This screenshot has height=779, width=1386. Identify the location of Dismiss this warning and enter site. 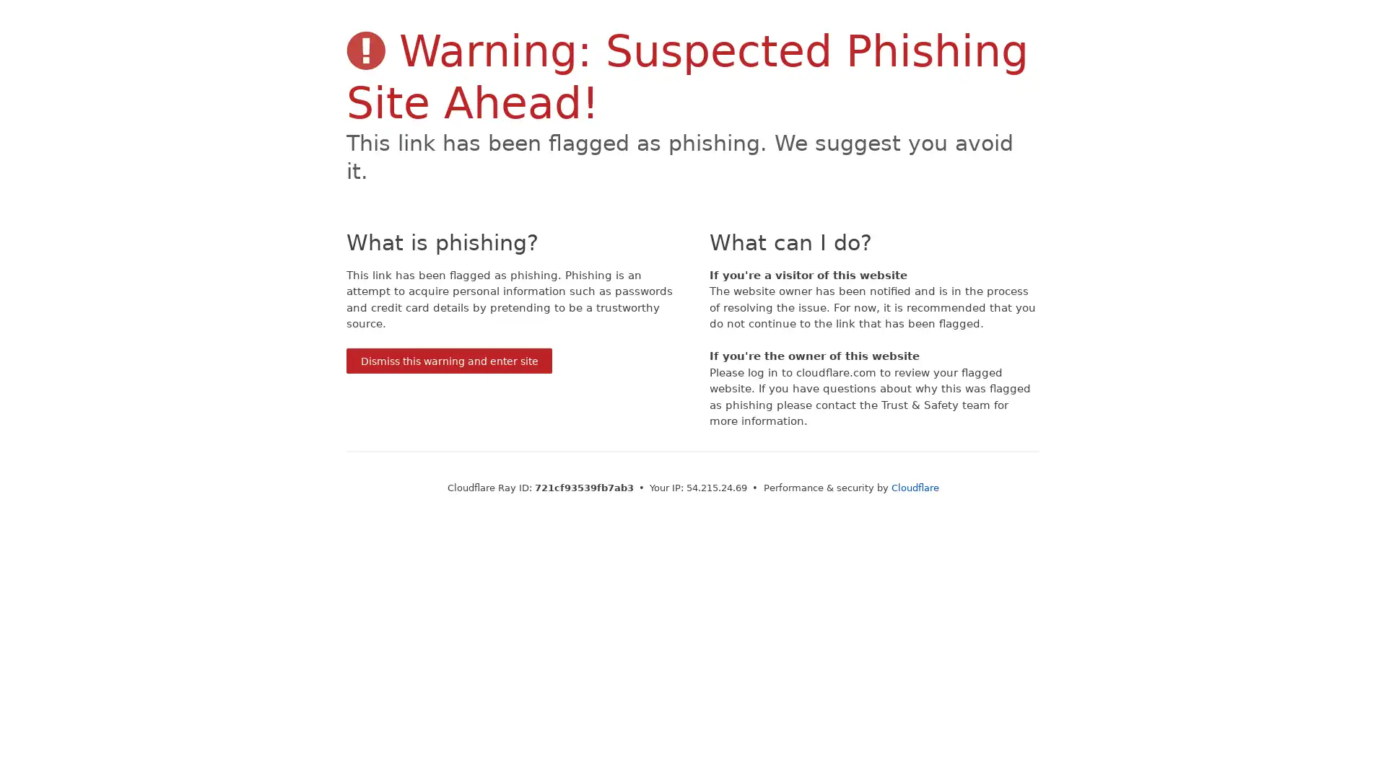
(448, 360).